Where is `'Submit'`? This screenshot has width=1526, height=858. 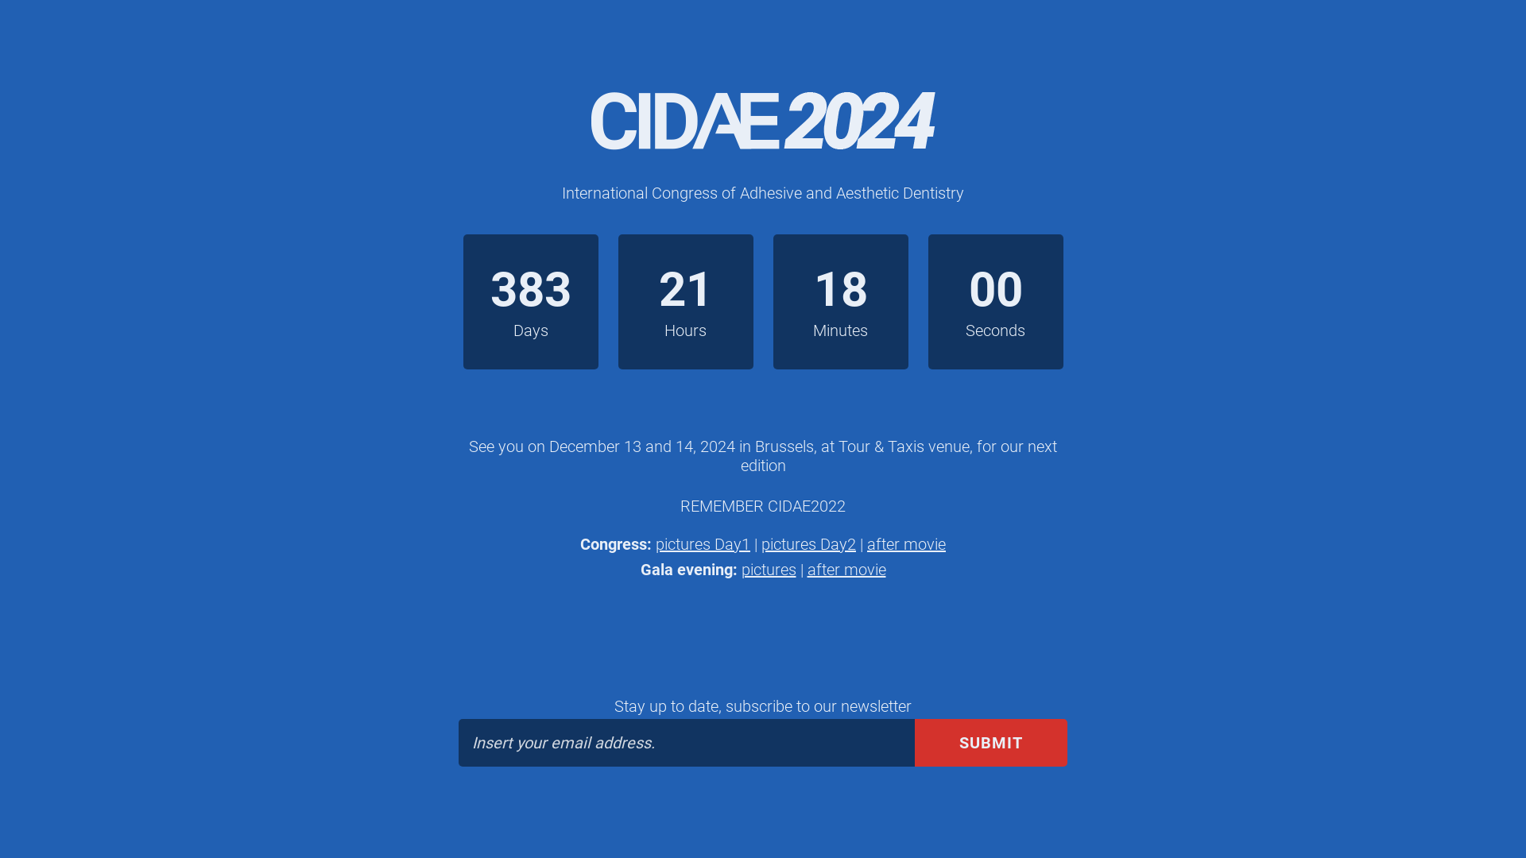
'Submit' is located at coordinates (990, 742).